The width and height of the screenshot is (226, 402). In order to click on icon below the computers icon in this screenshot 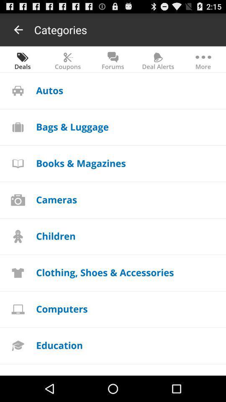, I will do `click(59, 345)`.